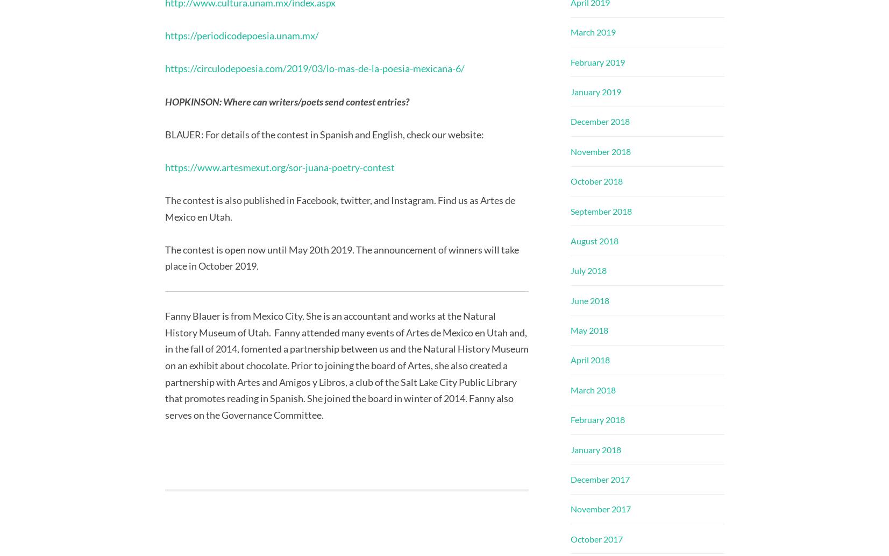  Describe the element at coordinates (570, 478) in the screenshot. I see `'December 2017'` at that location.